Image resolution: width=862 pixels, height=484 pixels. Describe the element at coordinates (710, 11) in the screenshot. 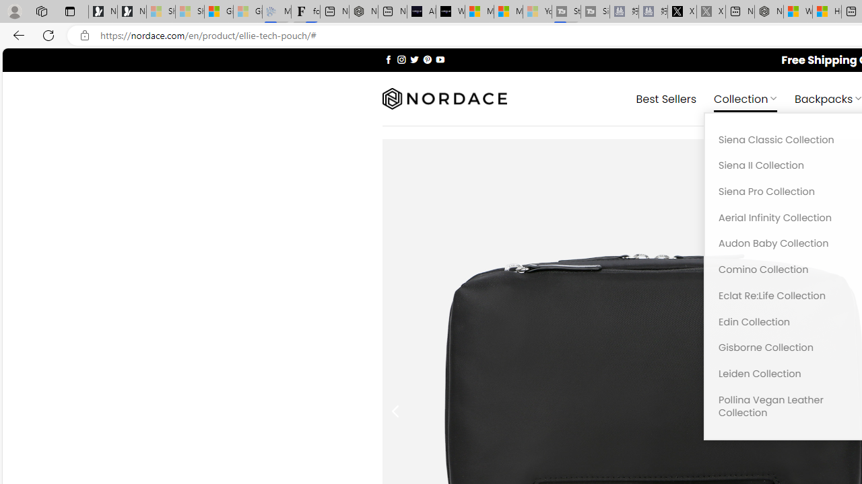

I see `'X - Sleeping'` at that location.